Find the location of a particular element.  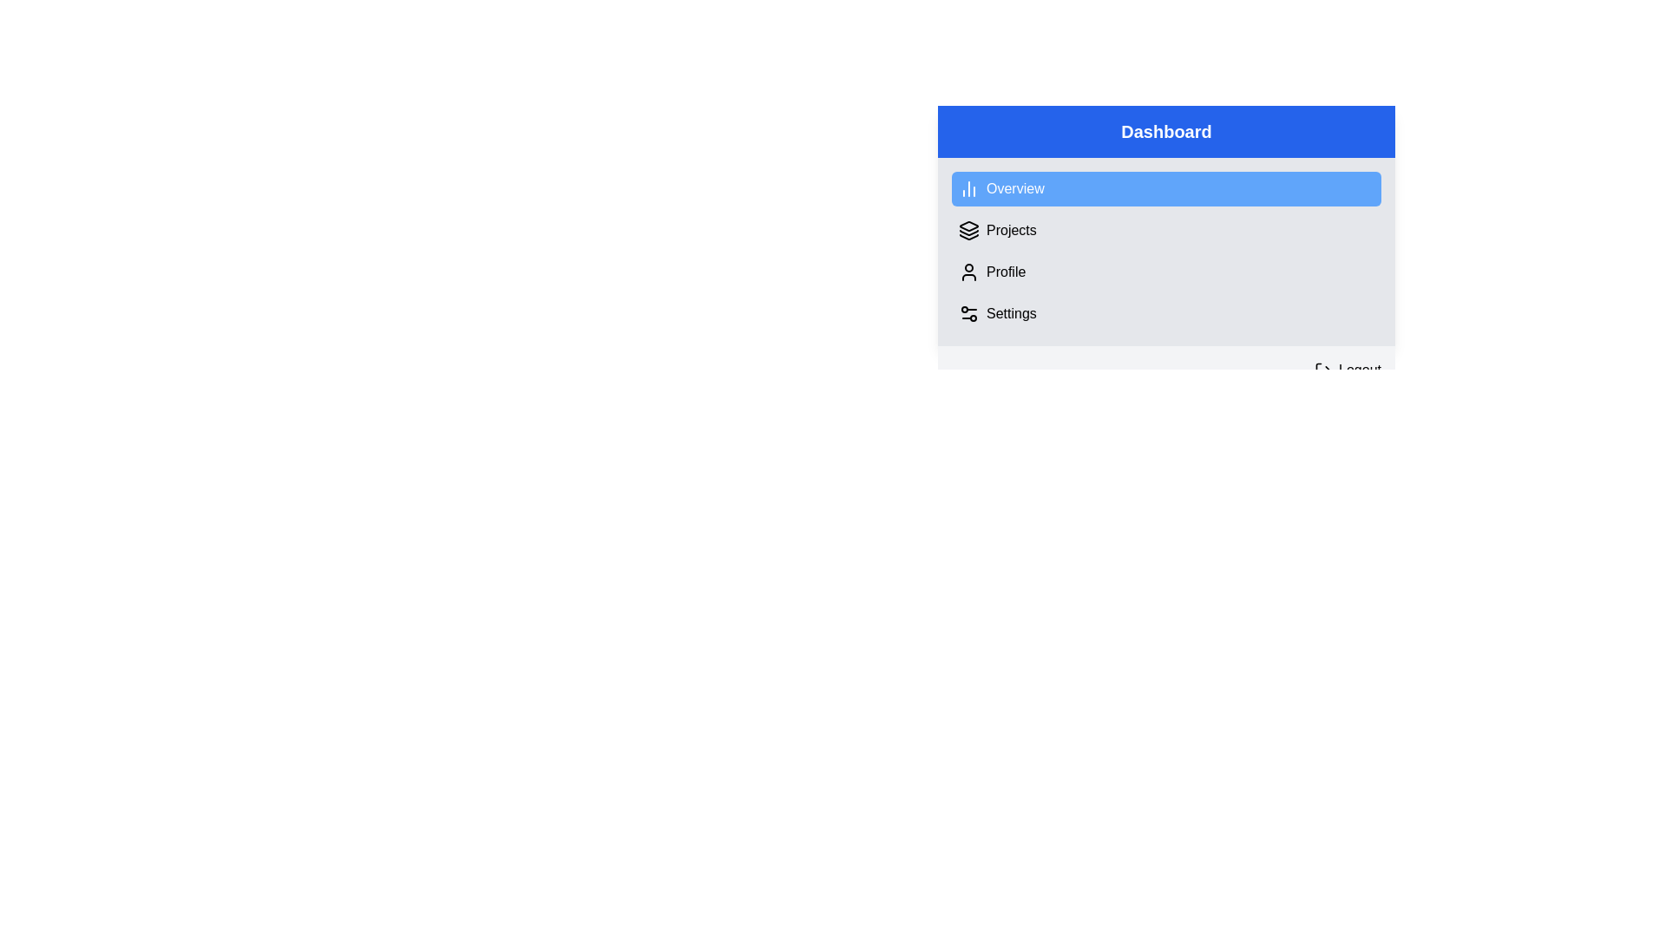

the logout button located at the bottommost row of the sidebar, which has a light gray background and is the final item in the menu is located at coordinates (1166, 369).